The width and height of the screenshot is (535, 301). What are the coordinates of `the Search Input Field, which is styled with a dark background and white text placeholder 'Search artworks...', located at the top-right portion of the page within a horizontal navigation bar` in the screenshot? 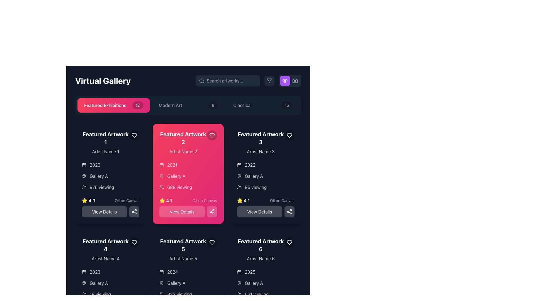 It's located at (228, 81).